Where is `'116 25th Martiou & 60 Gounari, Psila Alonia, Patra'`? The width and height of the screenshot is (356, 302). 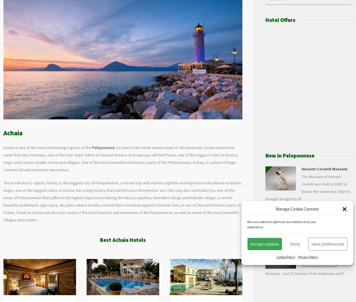 '116 25th Martiou & 60 Gounari, Psila Alonia, Patra' is located at coordinates (17, 292).